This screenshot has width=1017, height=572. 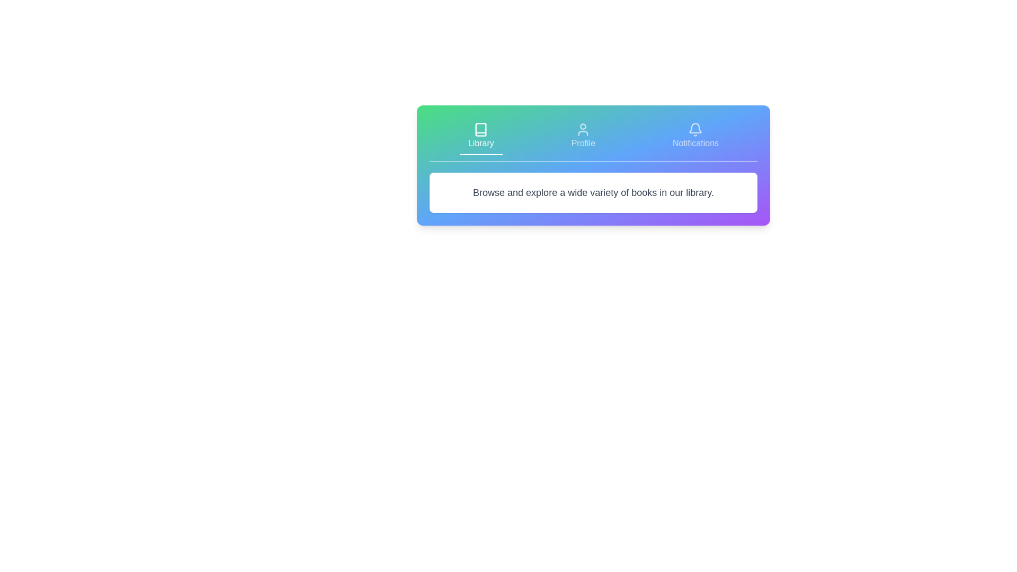 What do you see at coordinates (695, 136) in the screenshot?
I see `the Notifications tab` at bounding box center [695, 136].